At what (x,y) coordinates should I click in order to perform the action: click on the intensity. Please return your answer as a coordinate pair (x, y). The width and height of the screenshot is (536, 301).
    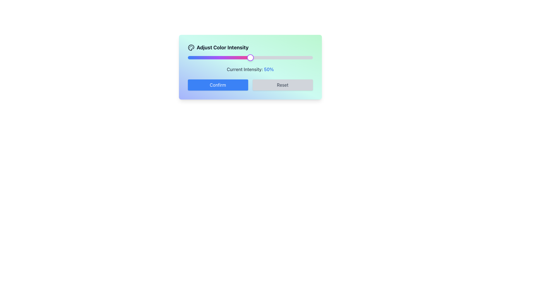
    Looking at the image, I should click on (256, 58).